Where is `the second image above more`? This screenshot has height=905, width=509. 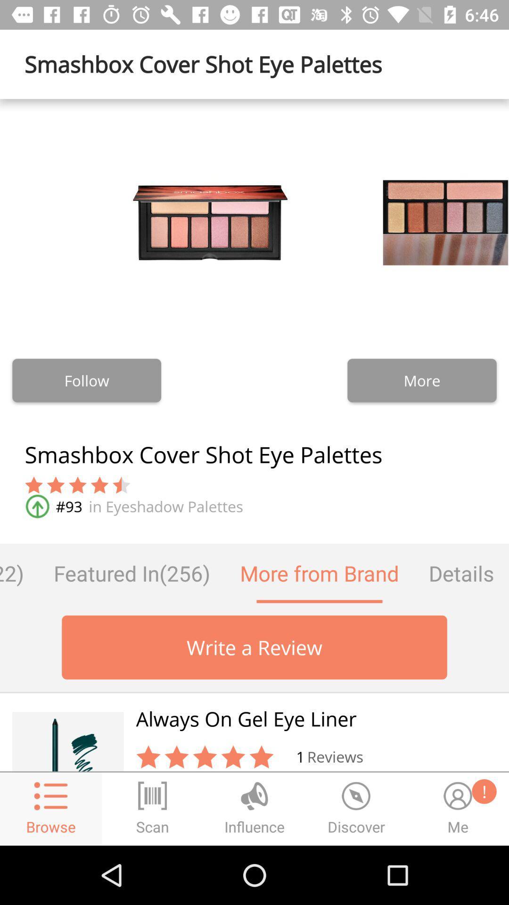 the second image above more is located at coordinates (421, 222).